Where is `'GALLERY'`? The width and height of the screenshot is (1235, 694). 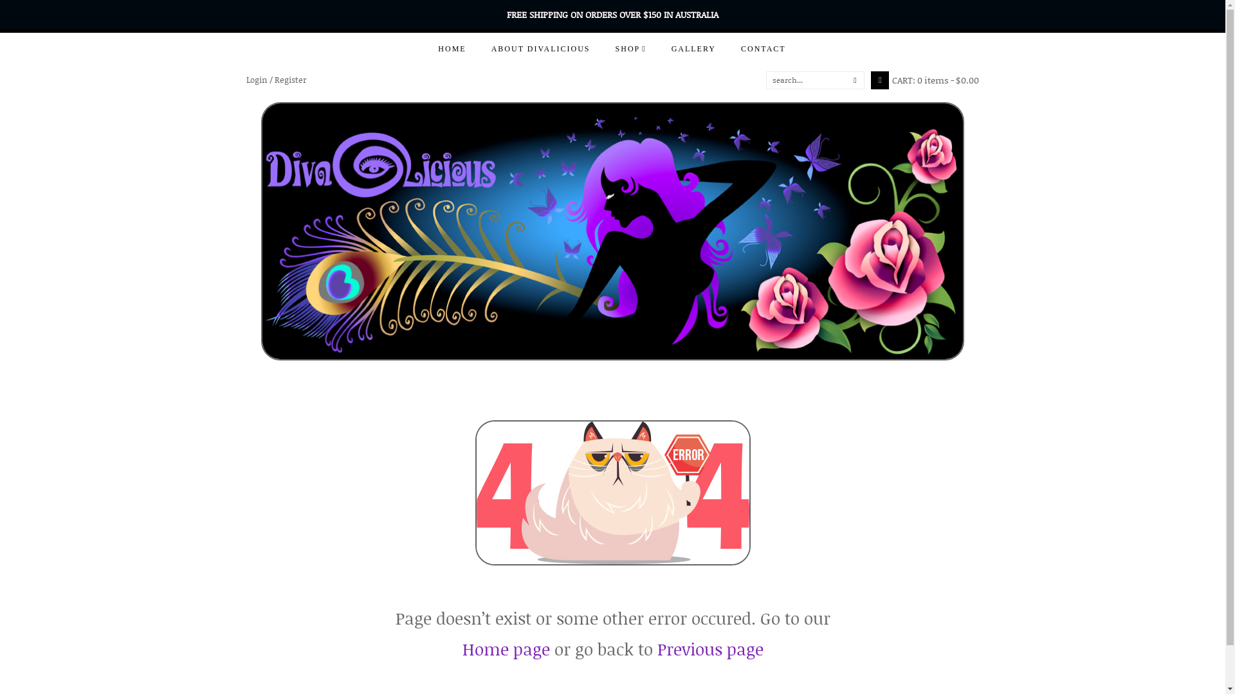
'GALLERY' is located at coordinates (658, 48).